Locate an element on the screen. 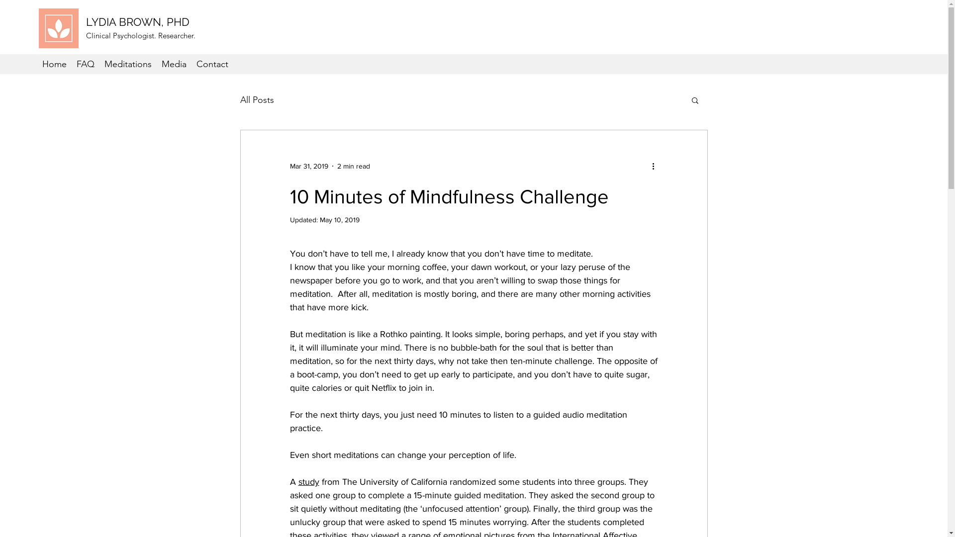 The height and width of the screenshot is (537, 955). 'Contact' is located at coordinates (212, 64).